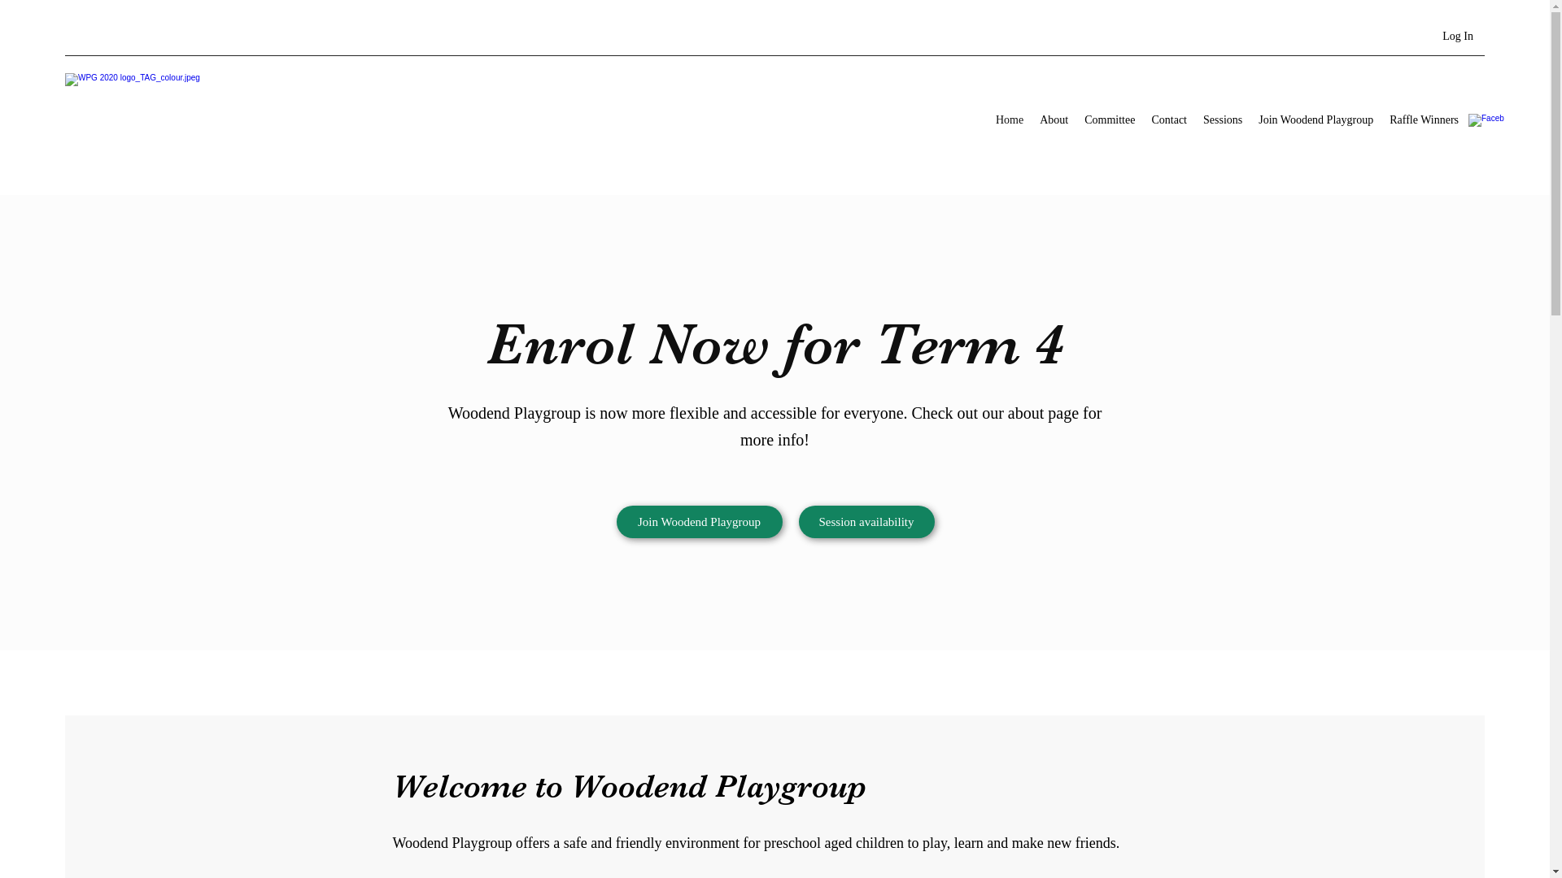  What do you see at coordinates (1222, 121) in the screenshot?
I see `'Sessions'` at bounding box center [1222, 121].